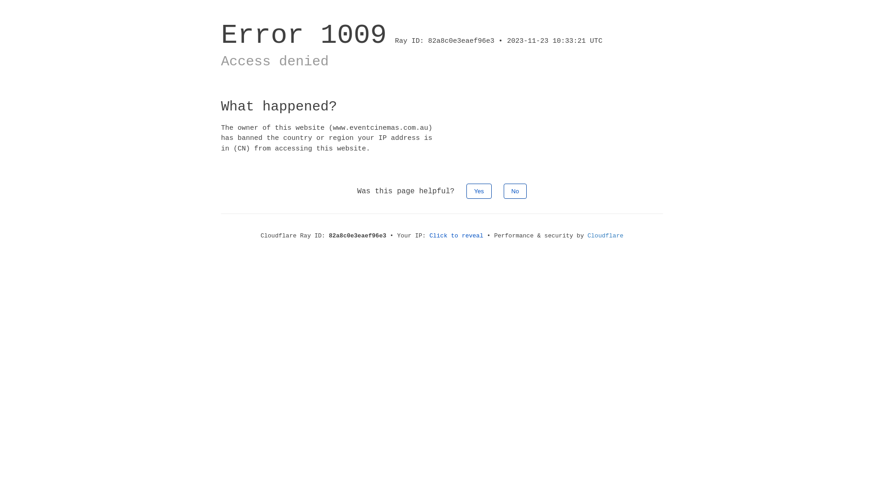 The width and height of the screenshot is (884, 497). Describe the element at coordinates (605, 235) in the screenshot. I see `'Cloudflare'` at that location.